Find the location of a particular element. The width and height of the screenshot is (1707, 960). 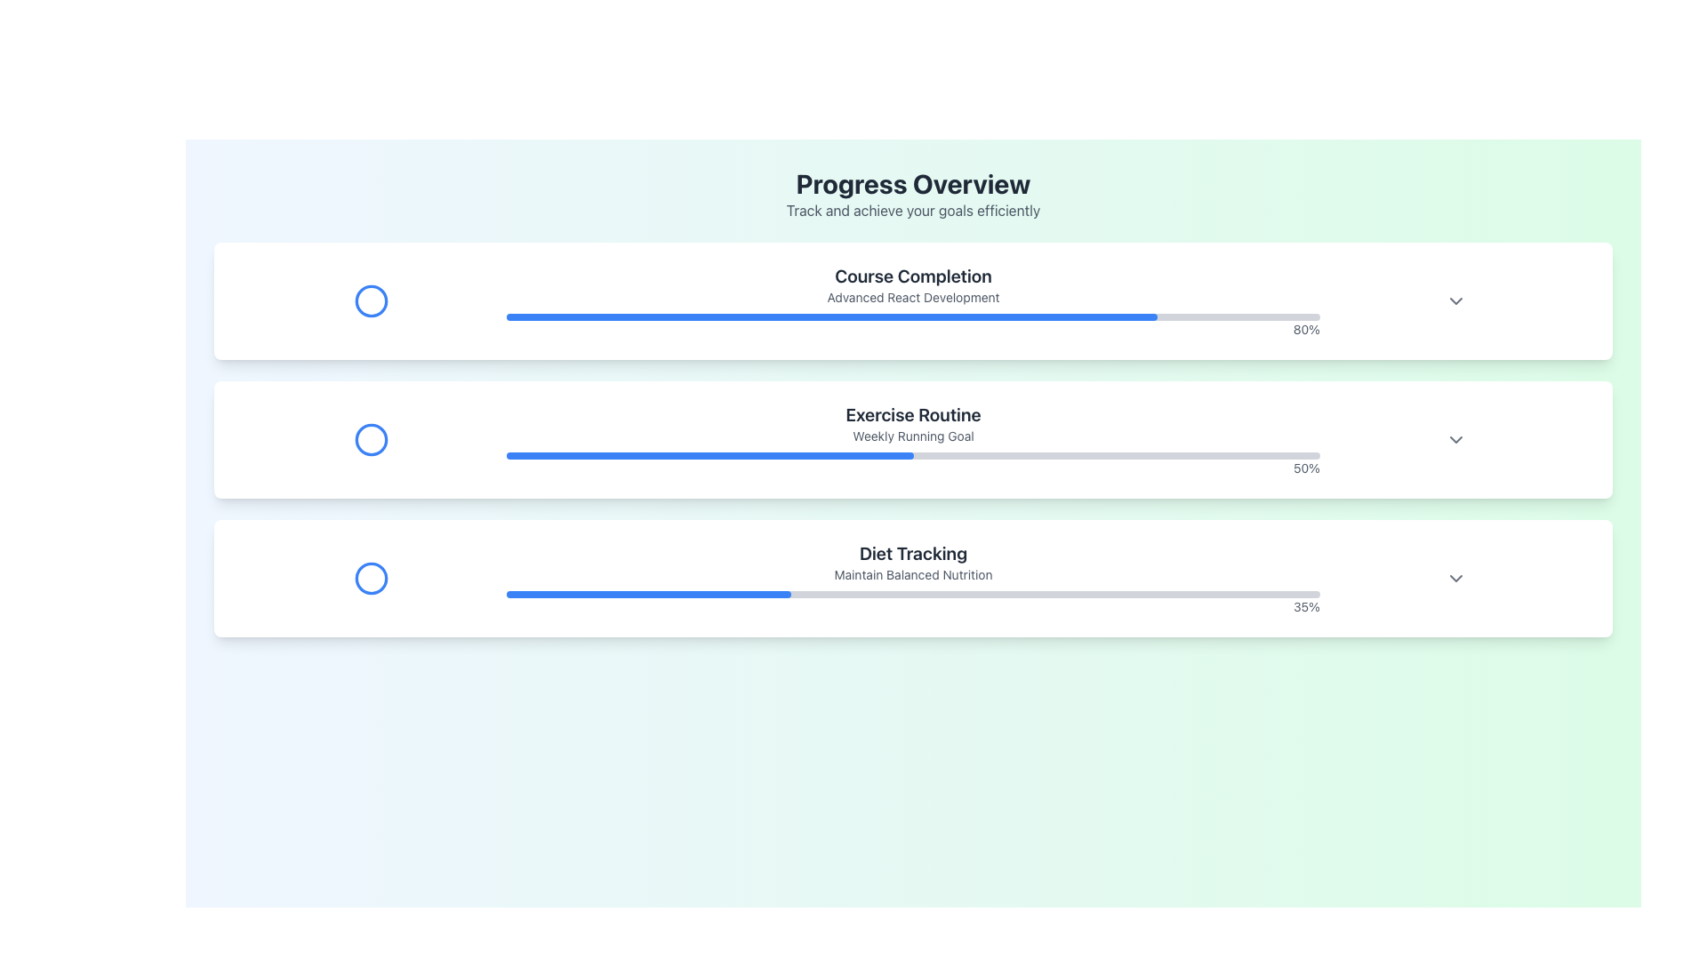

the filled blue section of the progress bar within the 'Diet Tracking' card to indicate the current progress of 35% is located at coordinates (648, 594).